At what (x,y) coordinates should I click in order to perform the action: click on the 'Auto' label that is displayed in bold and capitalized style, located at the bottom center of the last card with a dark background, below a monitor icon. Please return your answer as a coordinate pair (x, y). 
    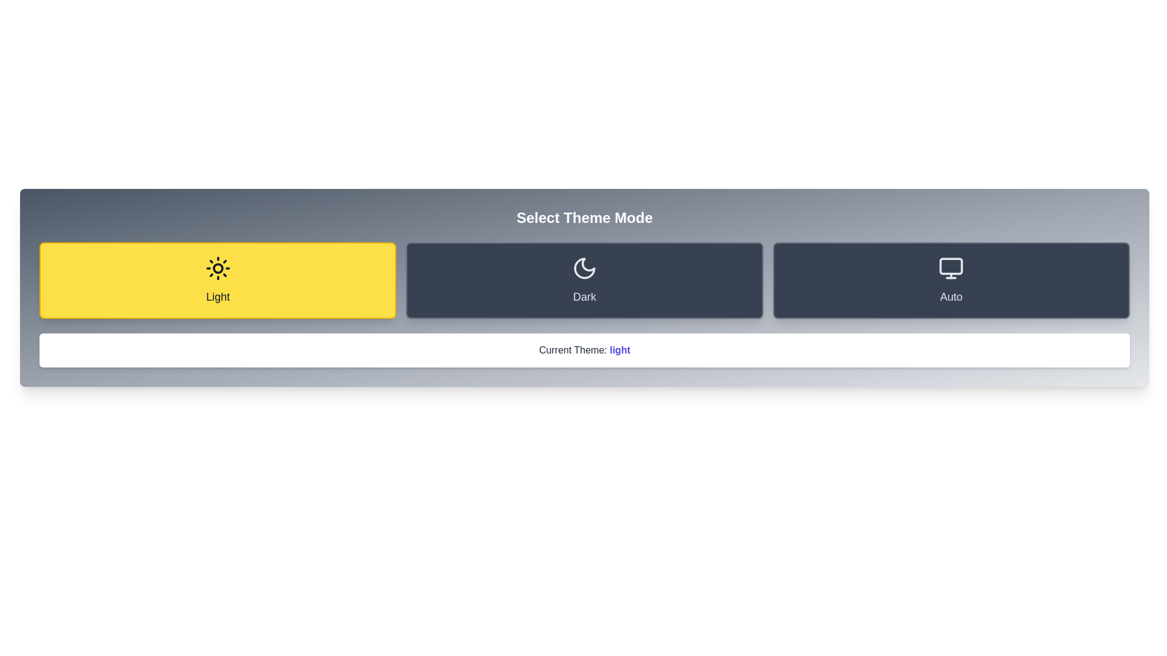
    Looking at the image, I should click on (951, 297).